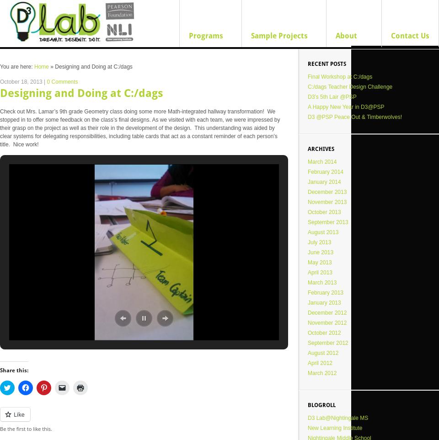 The height and width of the screenshot is (440, 439). What do you see at coordinates (307, 252) in the screenshot?
I see `'June 2013'` at bounding box center [307, 252].